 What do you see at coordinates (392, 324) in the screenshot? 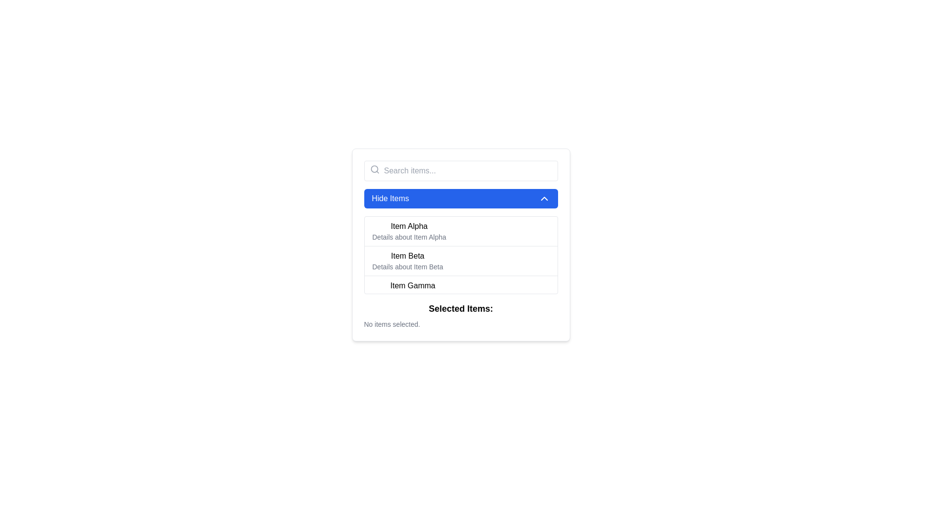
I see `the text label displaying 'No items selected.' which is positioned below the 'Selected Items:' label` at bounding box center [392, 324].